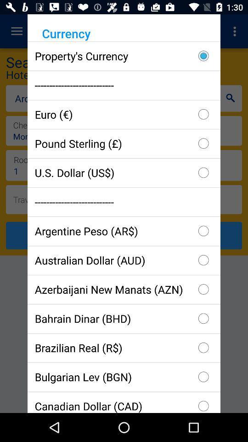 The image size is (248, 442). What do you see at coordinates (124, 114) in the screenshot?
I see `item below the --------------------------- checkbox` at bounding box center [124, 114].